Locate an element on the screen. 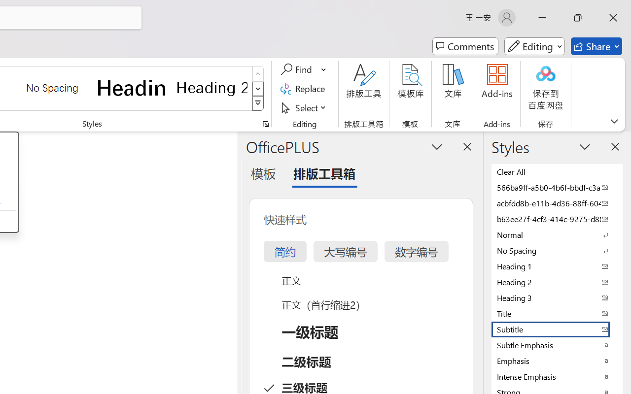  'Replace...' is located at coordinates (304, 88).